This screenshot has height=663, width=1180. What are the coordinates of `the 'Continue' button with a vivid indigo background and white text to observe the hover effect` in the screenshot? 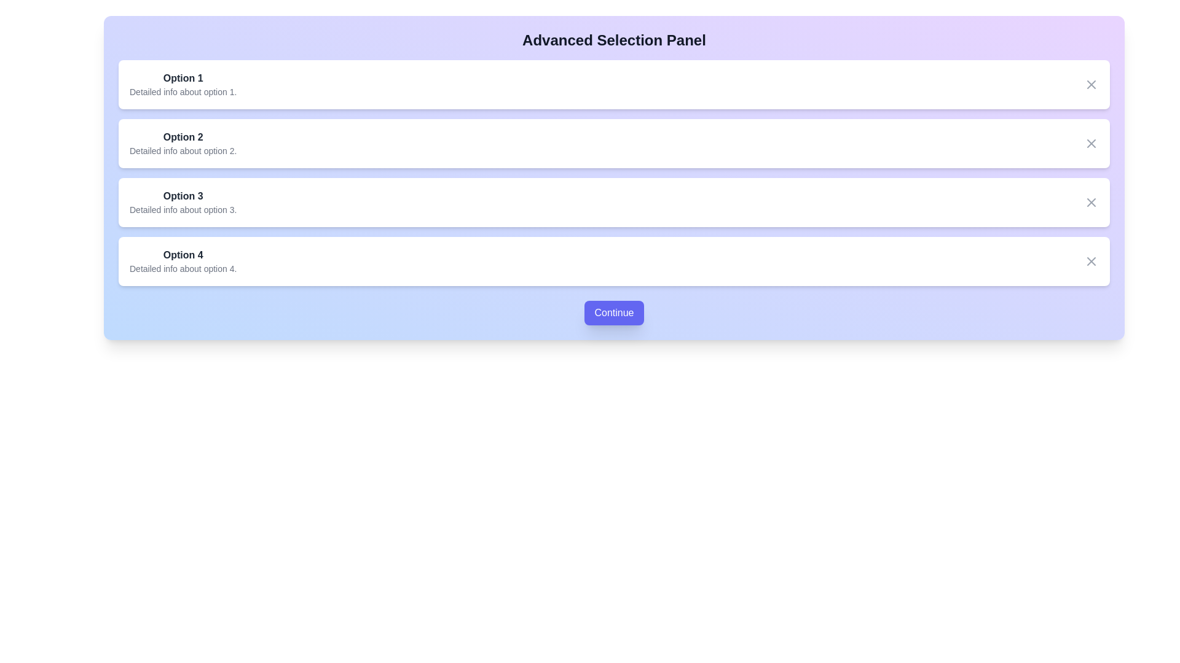 It's located at (614, 312).